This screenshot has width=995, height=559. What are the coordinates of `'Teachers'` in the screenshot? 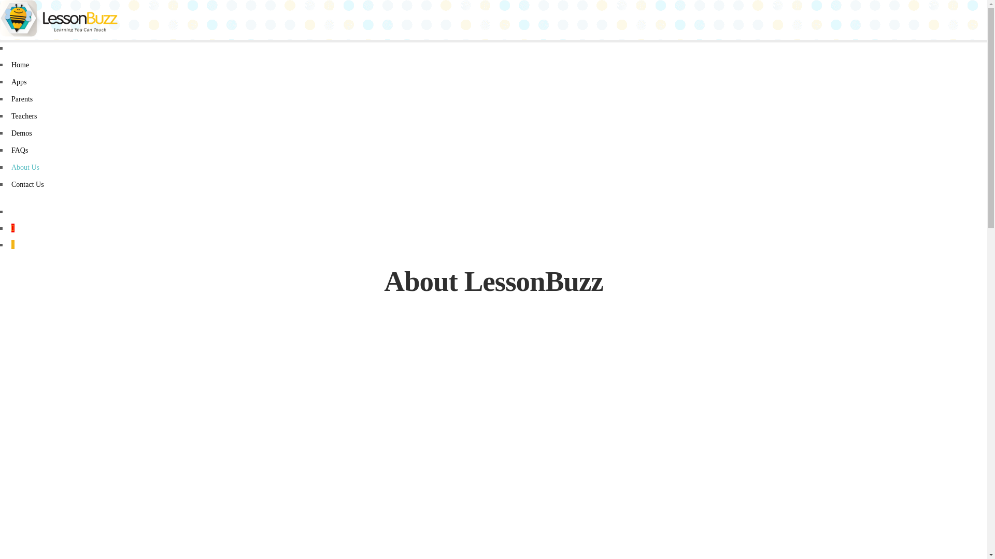 It's located at (24, 116).